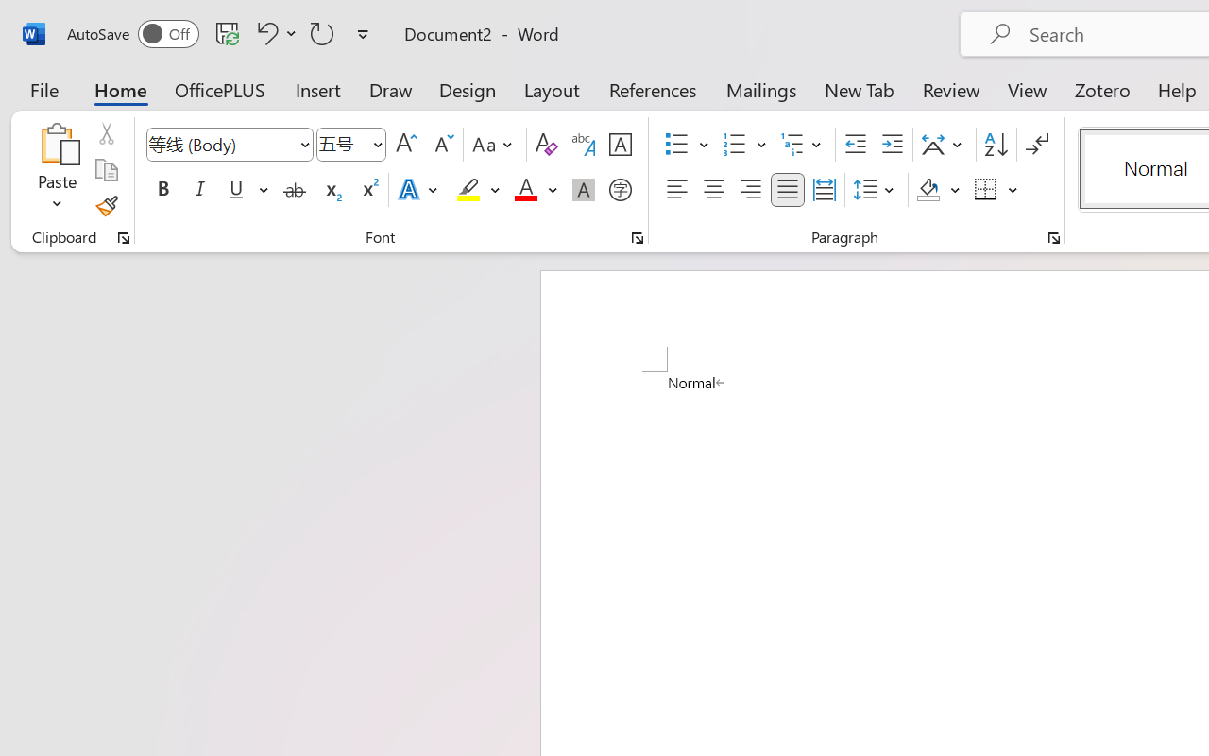  What do you see at coordinates (1027, 89) in the screenshot?
I see `'View'` at bounding box center [1027, 89].